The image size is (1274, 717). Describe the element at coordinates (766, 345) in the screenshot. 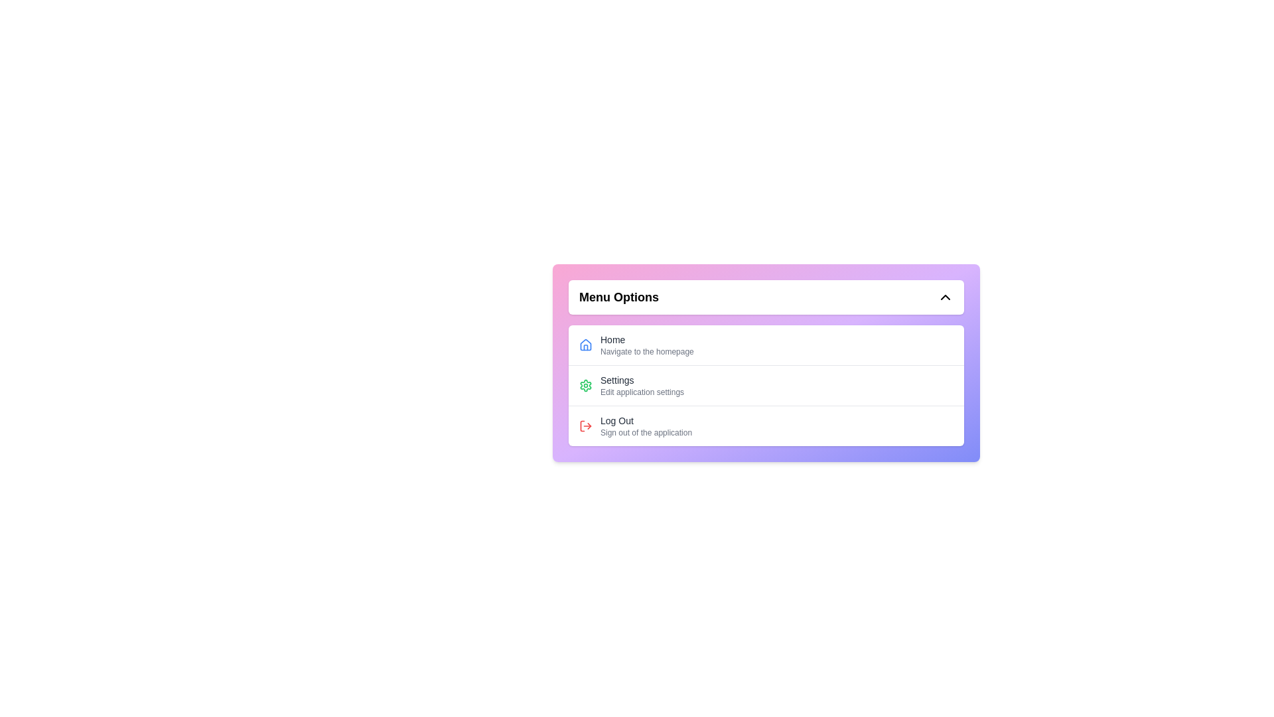

I see `the 'Home' button to navigate to the homepage` at that location.